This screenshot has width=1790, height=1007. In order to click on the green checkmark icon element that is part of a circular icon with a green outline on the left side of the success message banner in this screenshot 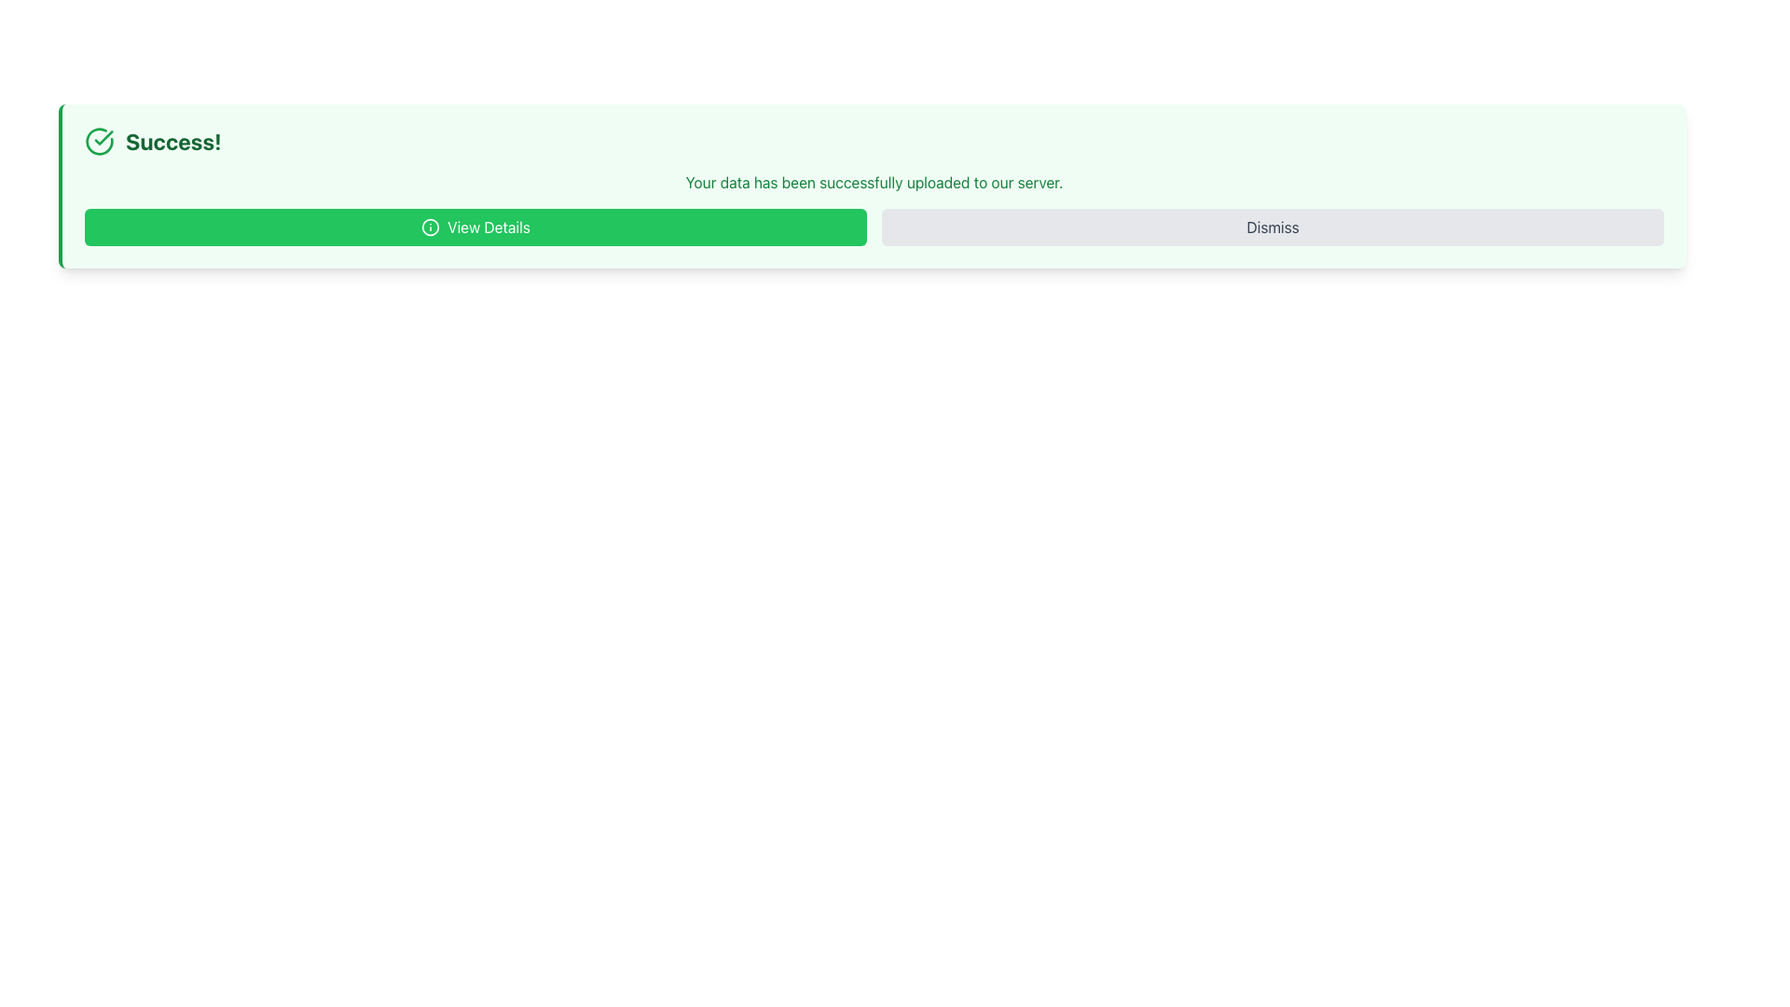, I will do `click(98, 140)`.